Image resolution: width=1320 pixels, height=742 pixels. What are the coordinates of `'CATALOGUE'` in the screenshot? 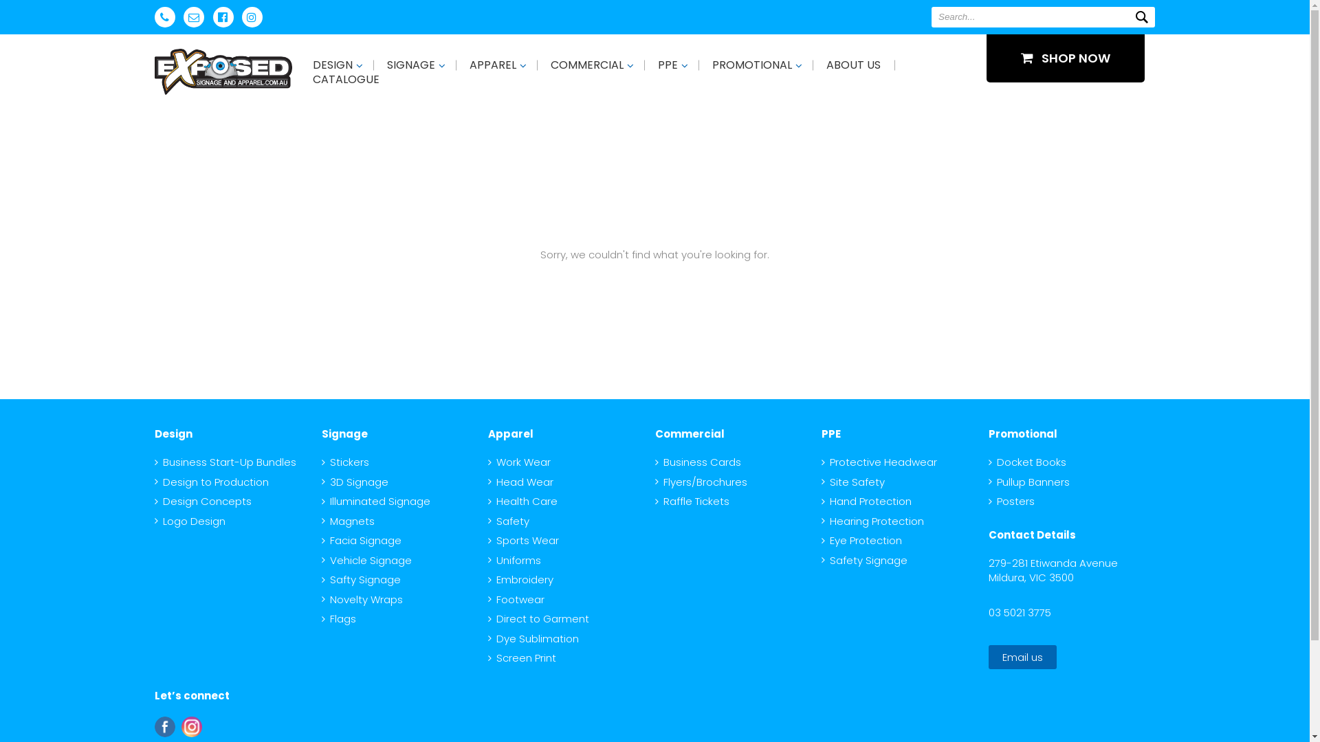 It's located at (346, 79).